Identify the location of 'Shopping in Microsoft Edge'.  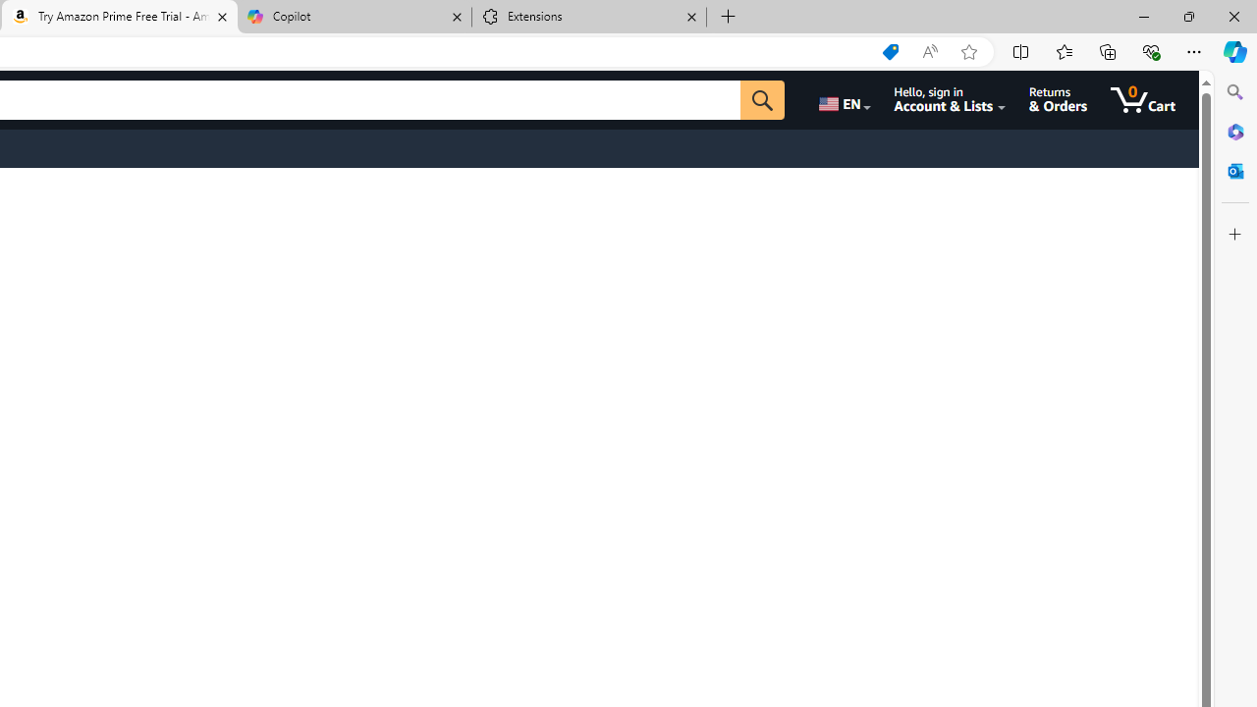
(889, 51).